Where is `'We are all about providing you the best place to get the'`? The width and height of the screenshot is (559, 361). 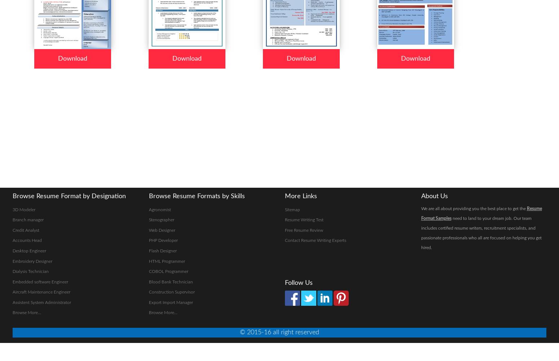
'We are all about providing you the best place to get the' is located at coordinates (421, 208).